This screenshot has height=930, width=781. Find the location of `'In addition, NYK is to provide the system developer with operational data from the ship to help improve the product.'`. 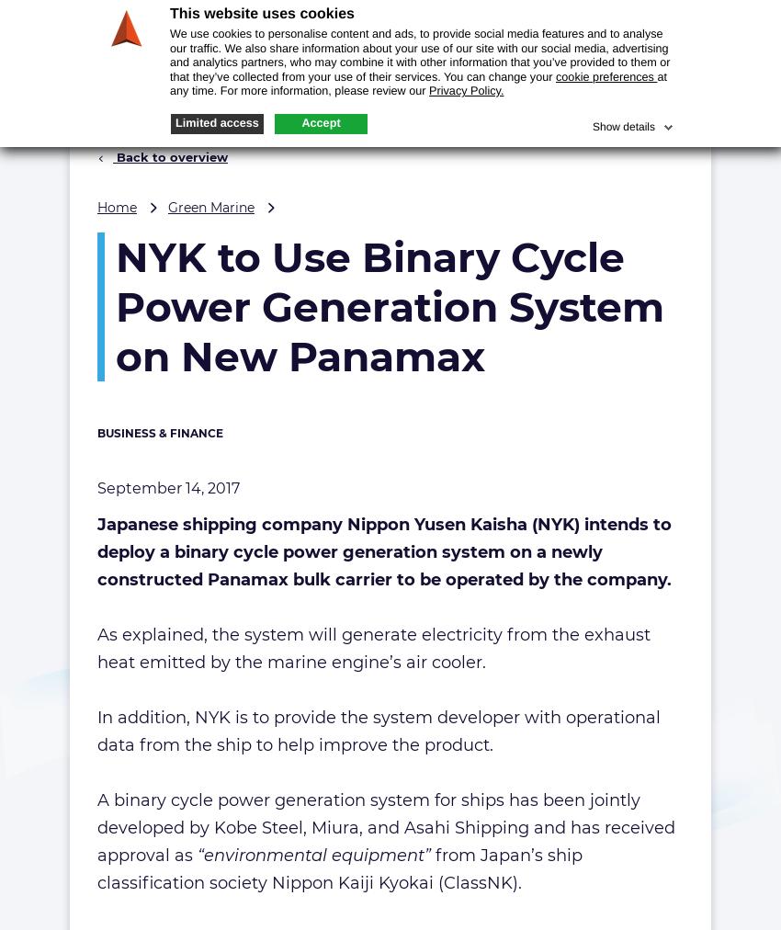

'In addition, NYK is to provide the system developer with operational data from the ship to help improve the product.' is located at coordinates (379, 731).